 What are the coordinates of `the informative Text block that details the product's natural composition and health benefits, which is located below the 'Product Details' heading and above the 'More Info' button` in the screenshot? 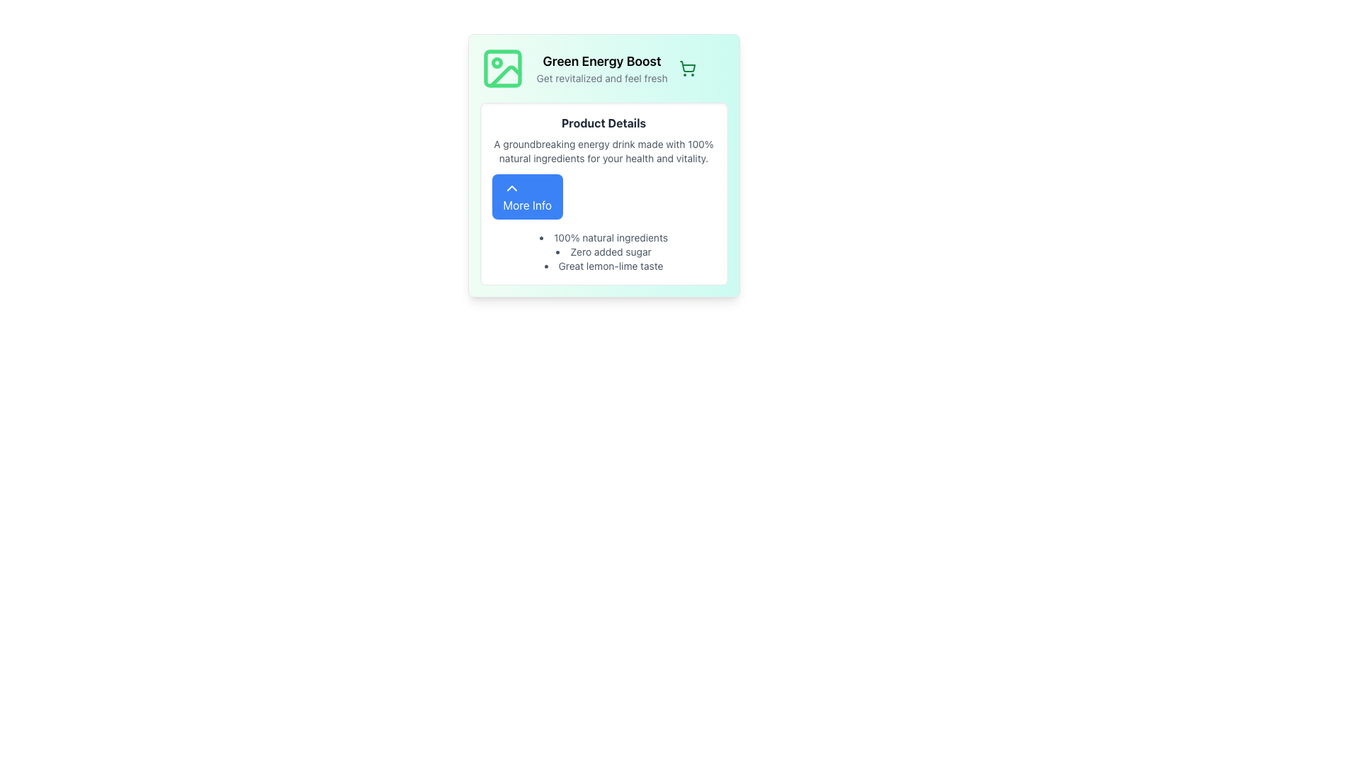 It's located at (603, 151).